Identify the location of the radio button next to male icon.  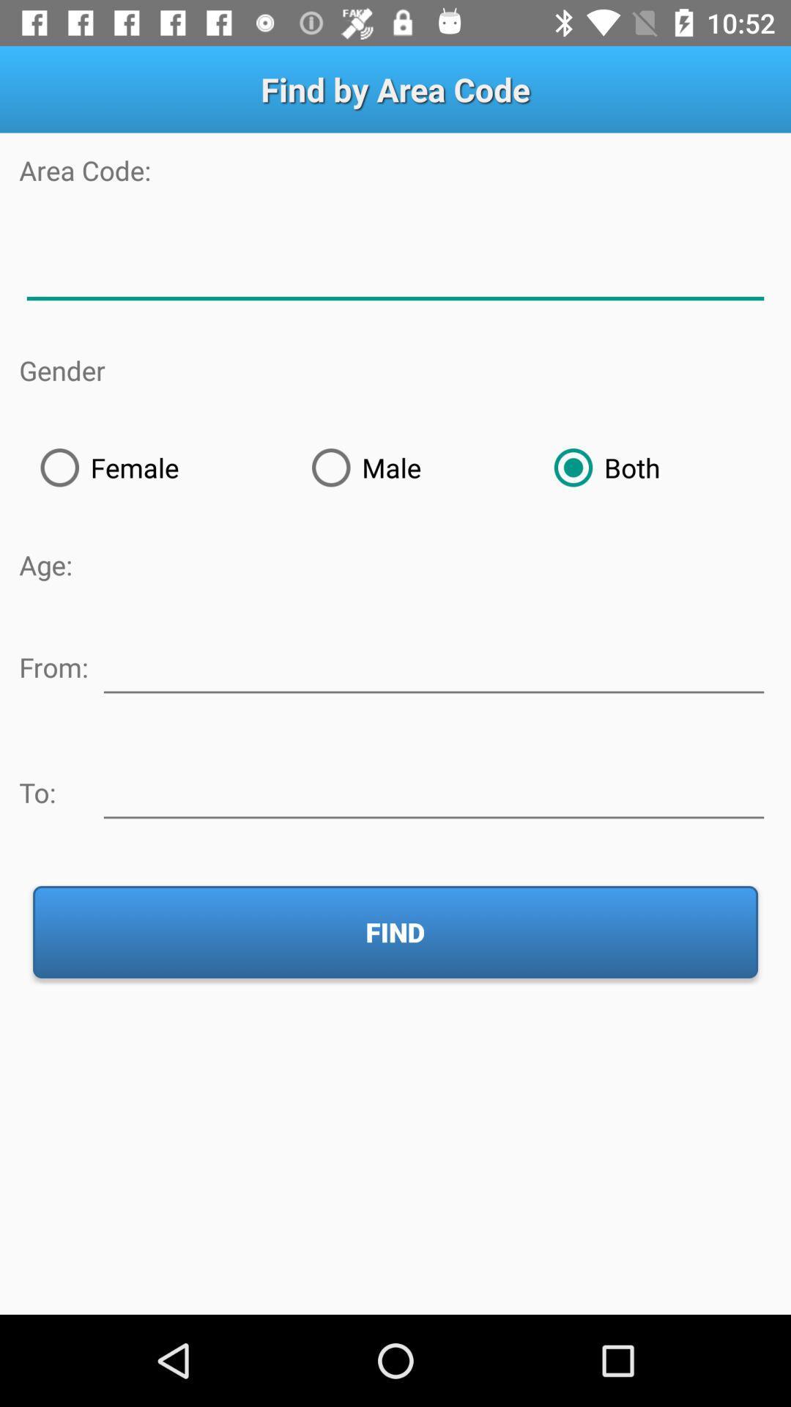
(651, 467).